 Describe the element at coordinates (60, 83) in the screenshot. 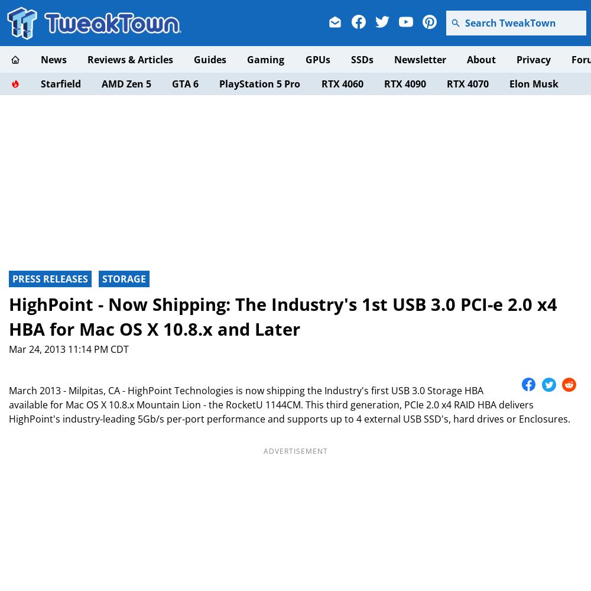

I see `'Starfield'` at that location.